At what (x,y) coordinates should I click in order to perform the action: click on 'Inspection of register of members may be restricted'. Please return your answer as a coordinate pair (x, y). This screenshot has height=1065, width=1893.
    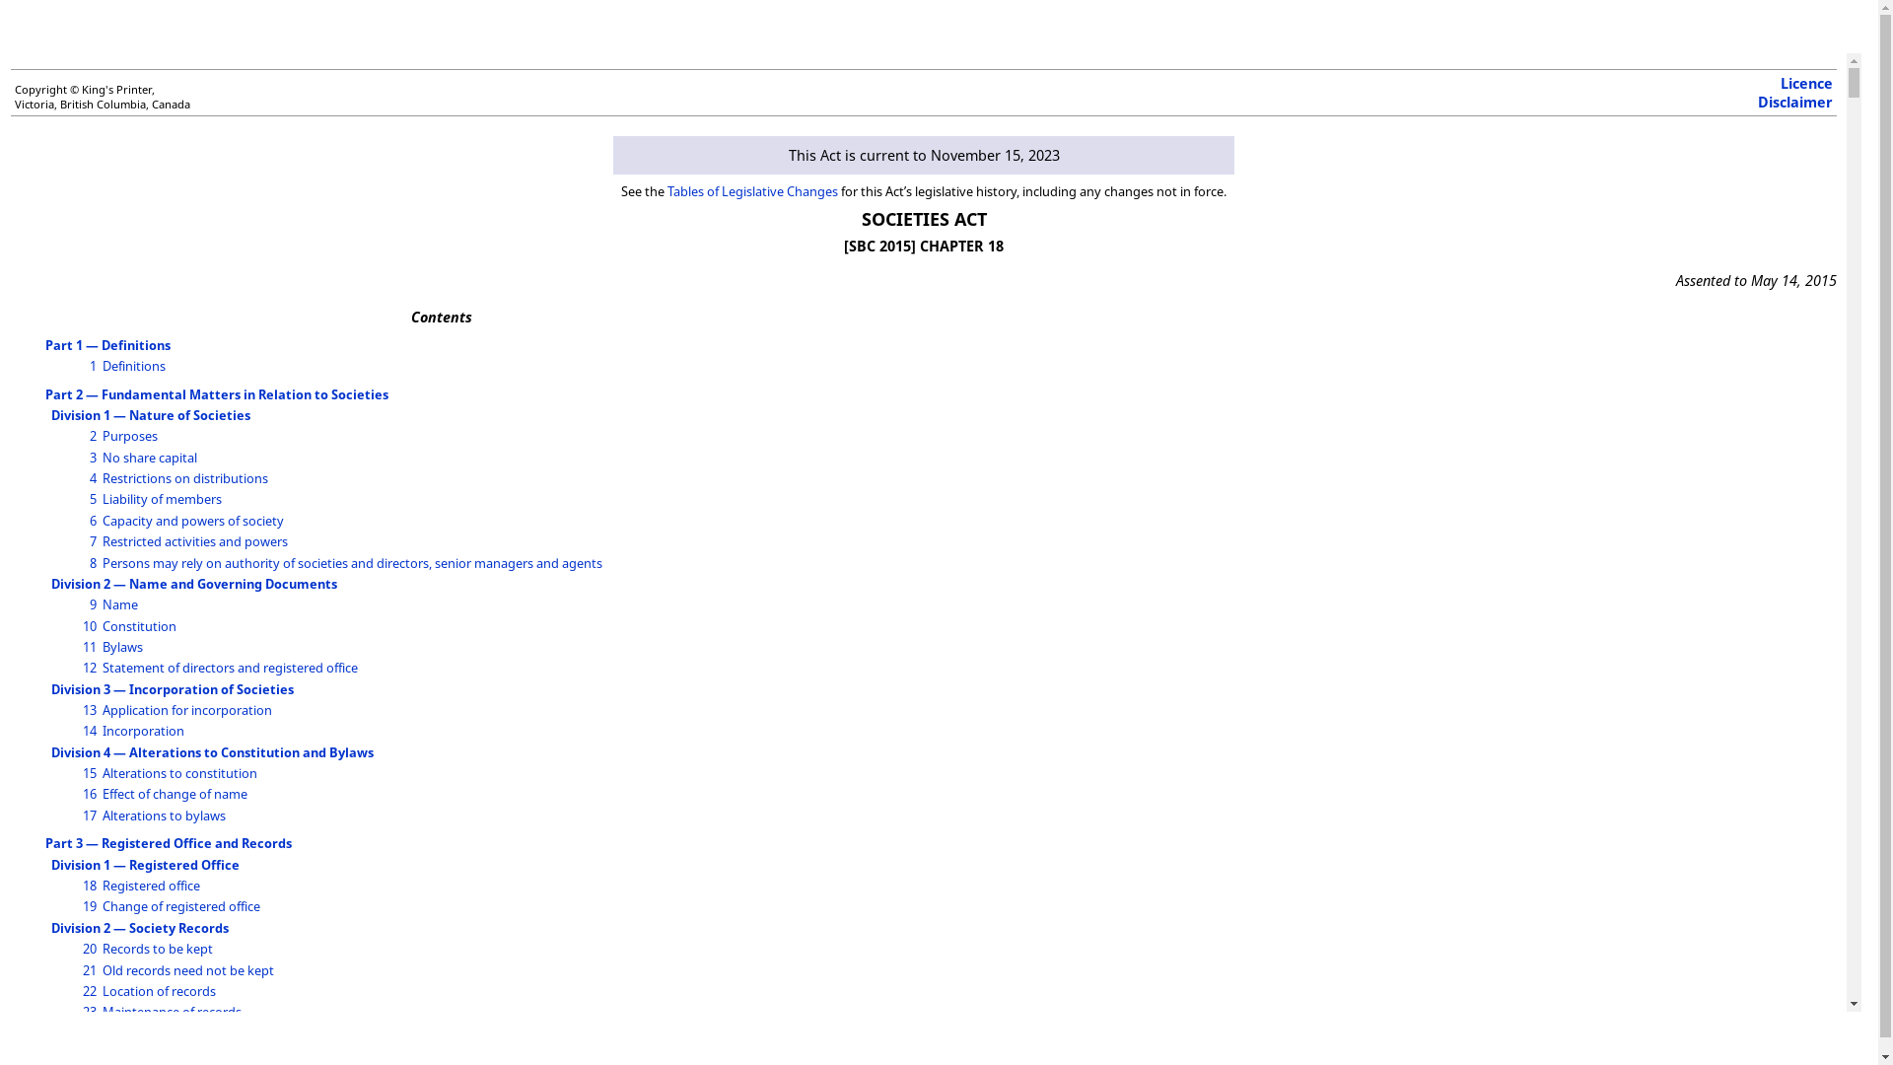
    Looking at the image, I should click on (253, 1052).